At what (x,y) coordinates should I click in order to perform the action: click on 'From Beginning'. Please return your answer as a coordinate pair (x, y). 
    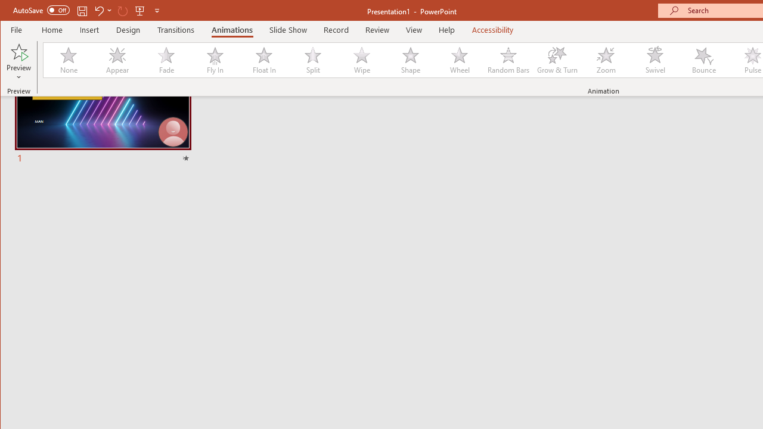
    Looking at the image, I should click on (140, 10).